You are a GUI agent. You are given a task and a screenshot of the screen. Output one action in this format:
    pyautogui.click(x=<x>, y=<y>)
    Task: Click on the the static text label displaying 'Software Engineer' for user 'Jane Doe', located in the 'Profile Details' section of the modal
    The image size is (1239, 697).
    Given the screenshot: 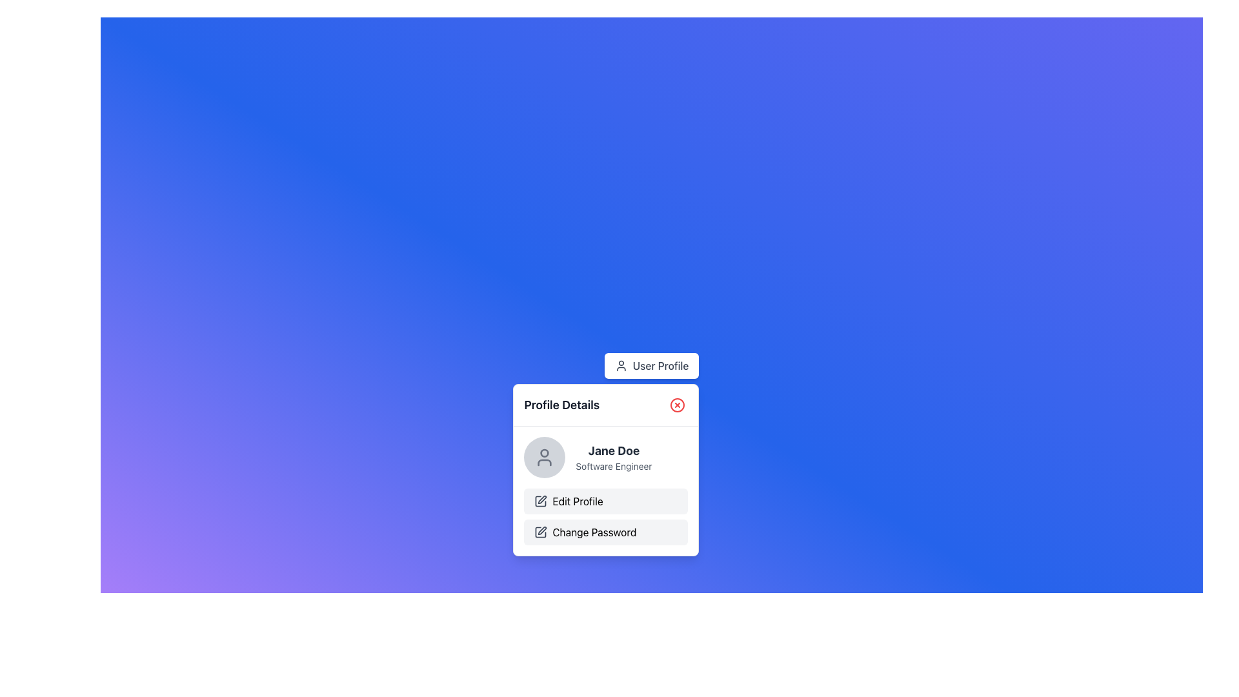 What is the action you would take?
    pyautogui.click(x=613, y=466)
    